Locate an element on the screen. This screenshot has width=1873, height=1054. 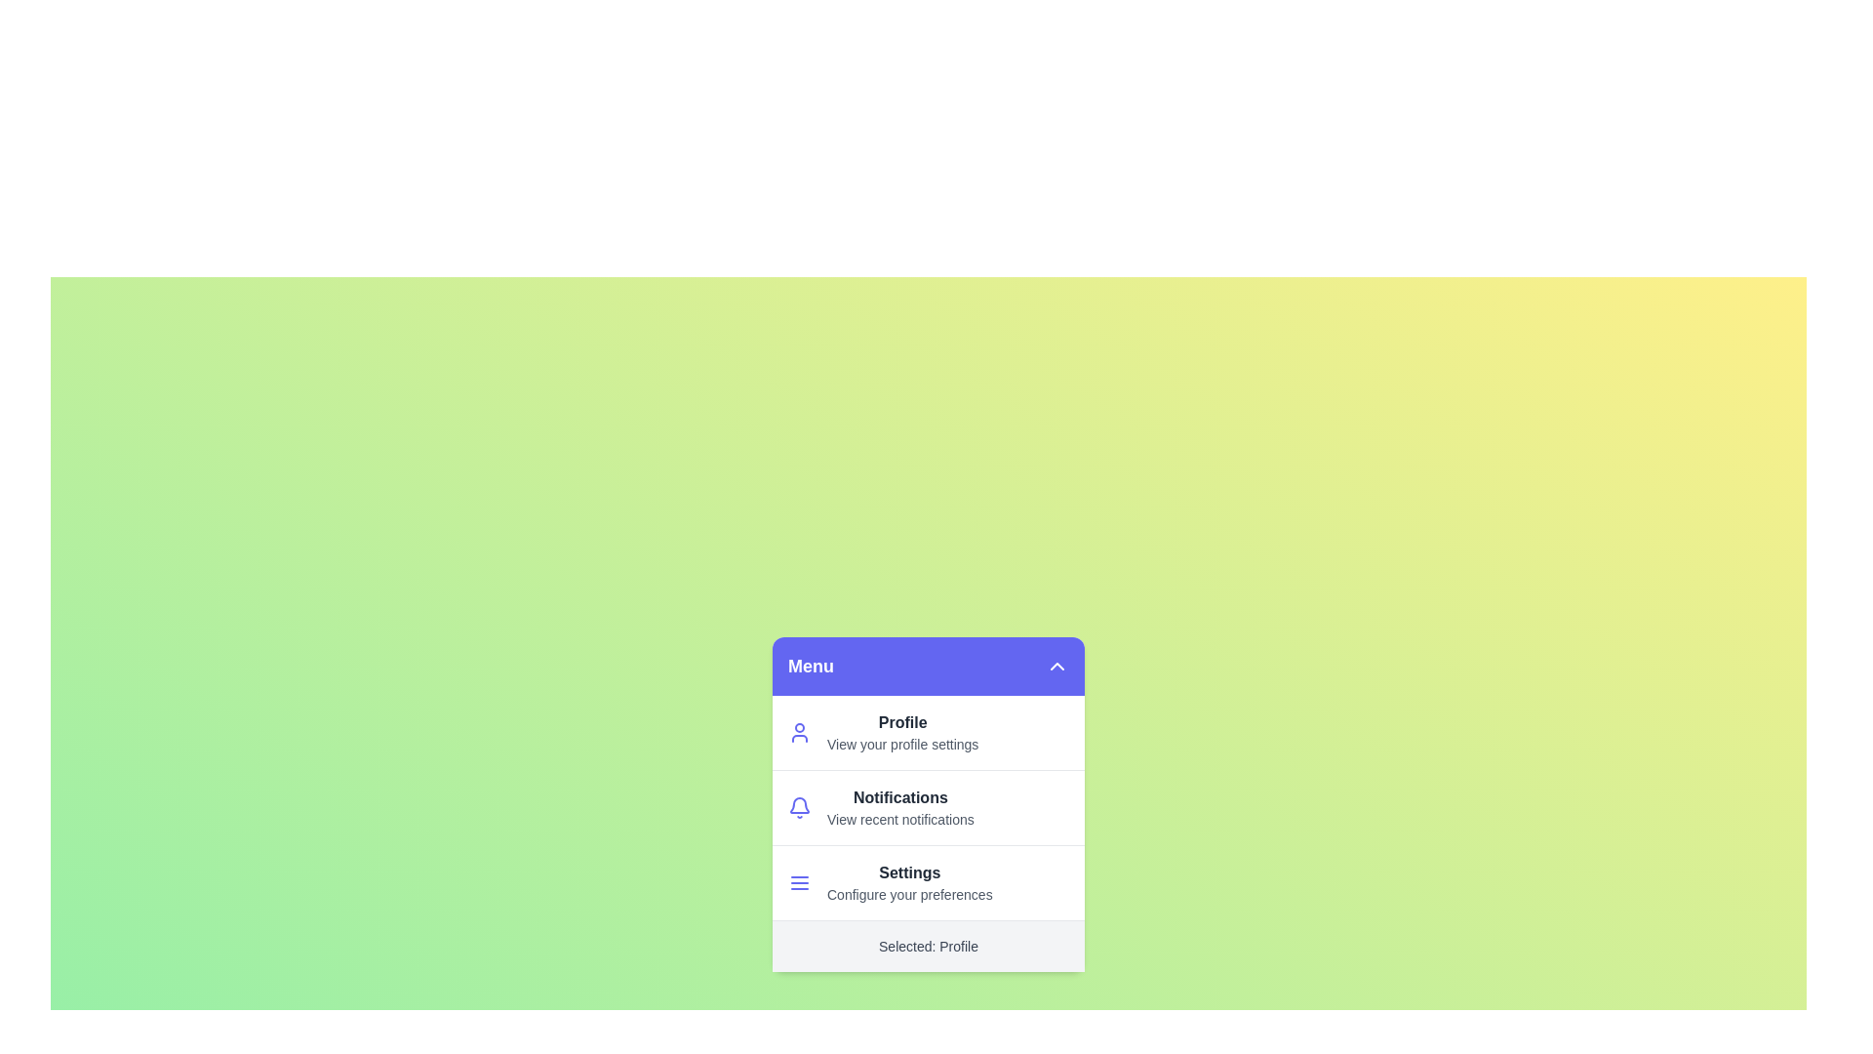
the menu item labeled Profile is located at coordinates (877, 731).